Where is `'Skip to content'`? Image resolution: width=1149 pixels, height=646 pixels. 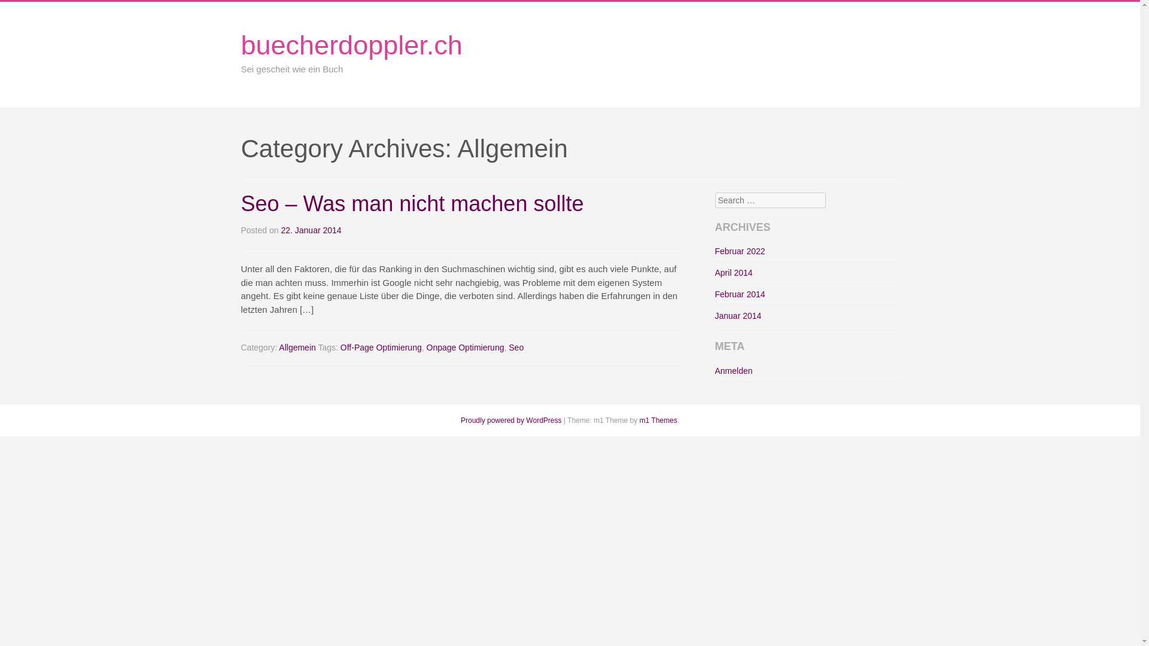 'Skip to content' is located at coordinates (907, 66).